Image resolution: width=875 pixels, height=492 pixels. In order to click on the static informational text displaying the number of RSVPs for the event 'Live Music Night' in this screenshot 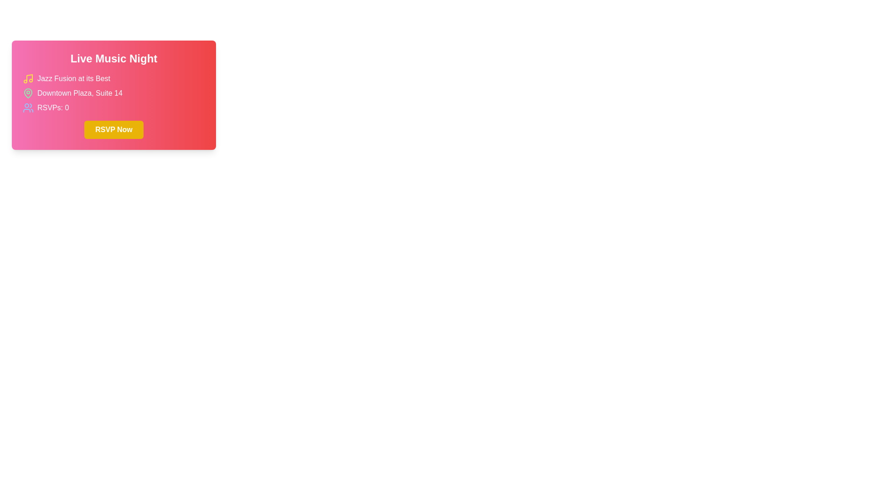, I will do `click(52, 107)`.